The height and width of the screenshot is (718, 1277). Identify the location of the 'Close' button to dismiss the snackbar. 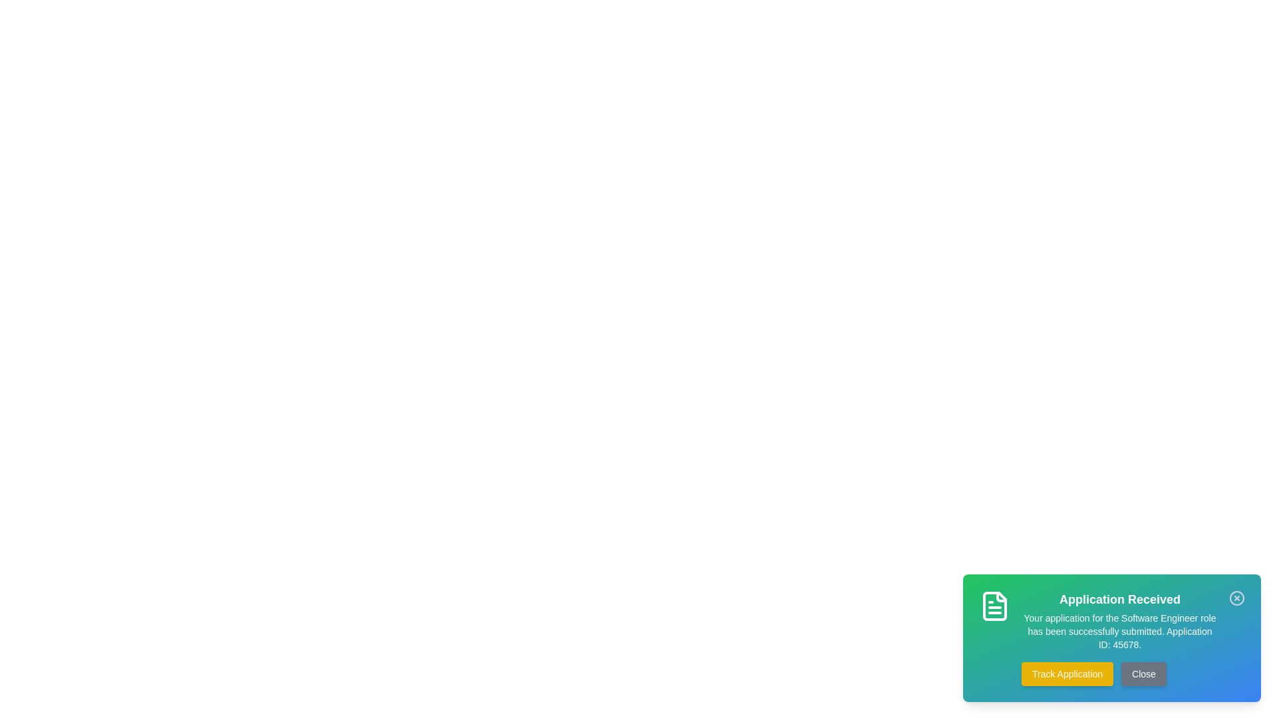
(1143, 674).